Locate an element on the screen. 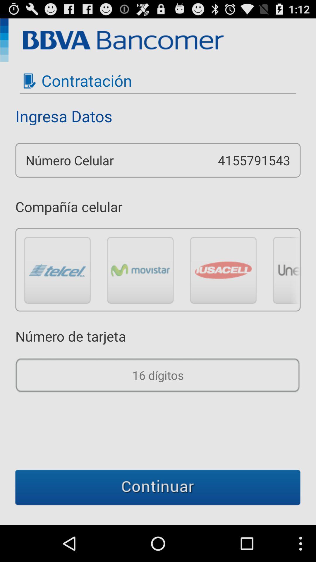  telcel button is located at coordinates (57, 270).